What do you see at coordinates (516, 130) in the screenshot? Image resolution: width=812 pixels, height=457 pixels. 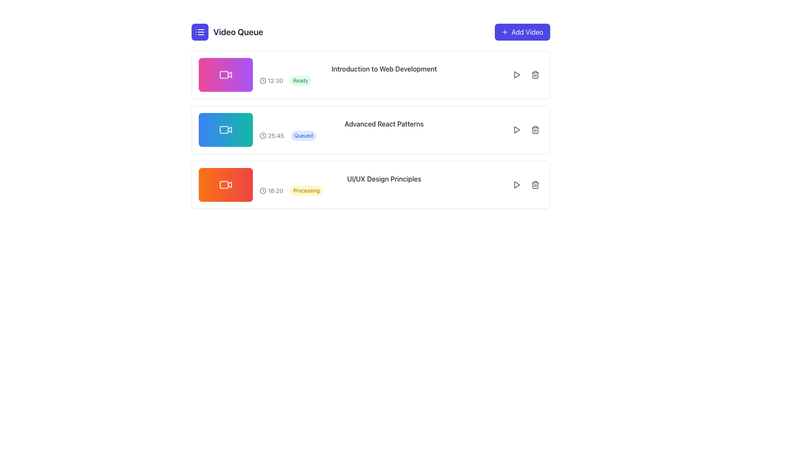 I see `the triangular play icon located at the far-right side of the 'Advanced React Patterns' list item` at bounding box center [516, 130].